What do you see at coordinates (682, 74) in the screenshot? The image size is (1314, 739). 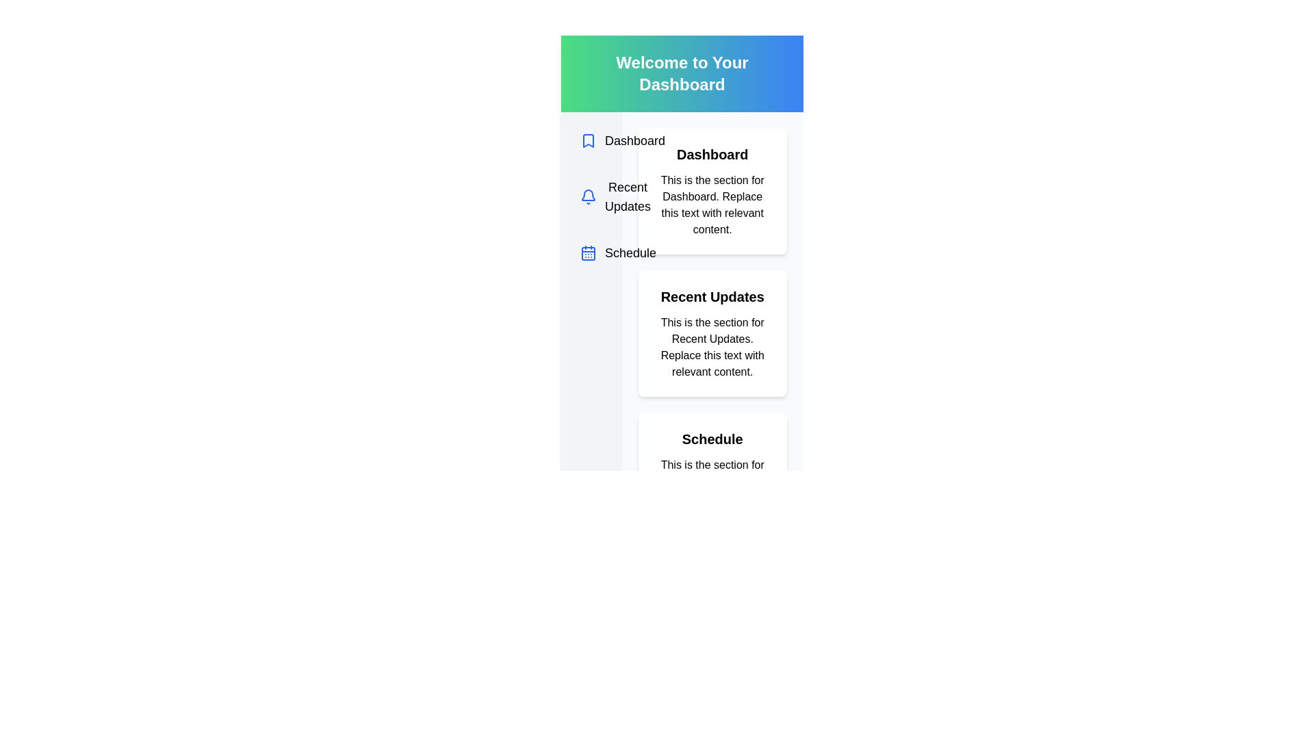 I see `the rectangular banner with a gradient background that displays the text 'Welcome to Your Dashboard'` at bounding box center [682, 74].